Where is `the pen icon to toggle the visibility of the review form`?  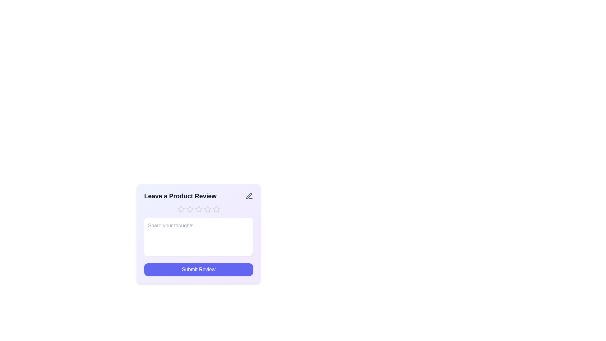 the pen icon to toggle the visibility of the review form is located at coordinates (249, 196).